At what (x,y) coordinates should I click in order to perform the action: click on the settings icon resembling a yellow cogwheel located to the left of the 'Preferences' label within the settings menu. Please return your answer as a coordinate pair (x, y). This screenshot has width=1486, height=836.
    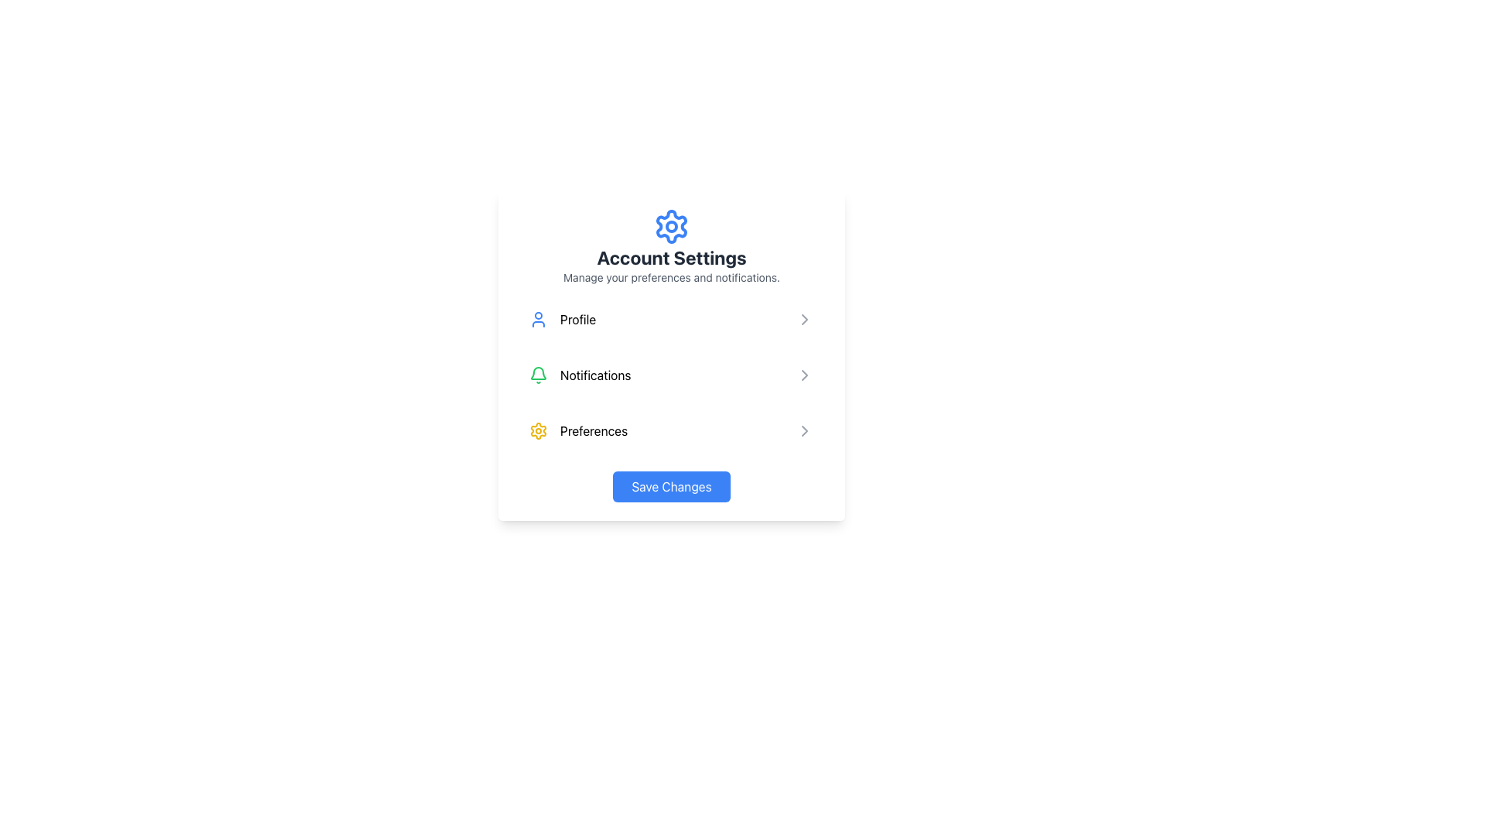
    Looking at the image, I should click on (539, 430).